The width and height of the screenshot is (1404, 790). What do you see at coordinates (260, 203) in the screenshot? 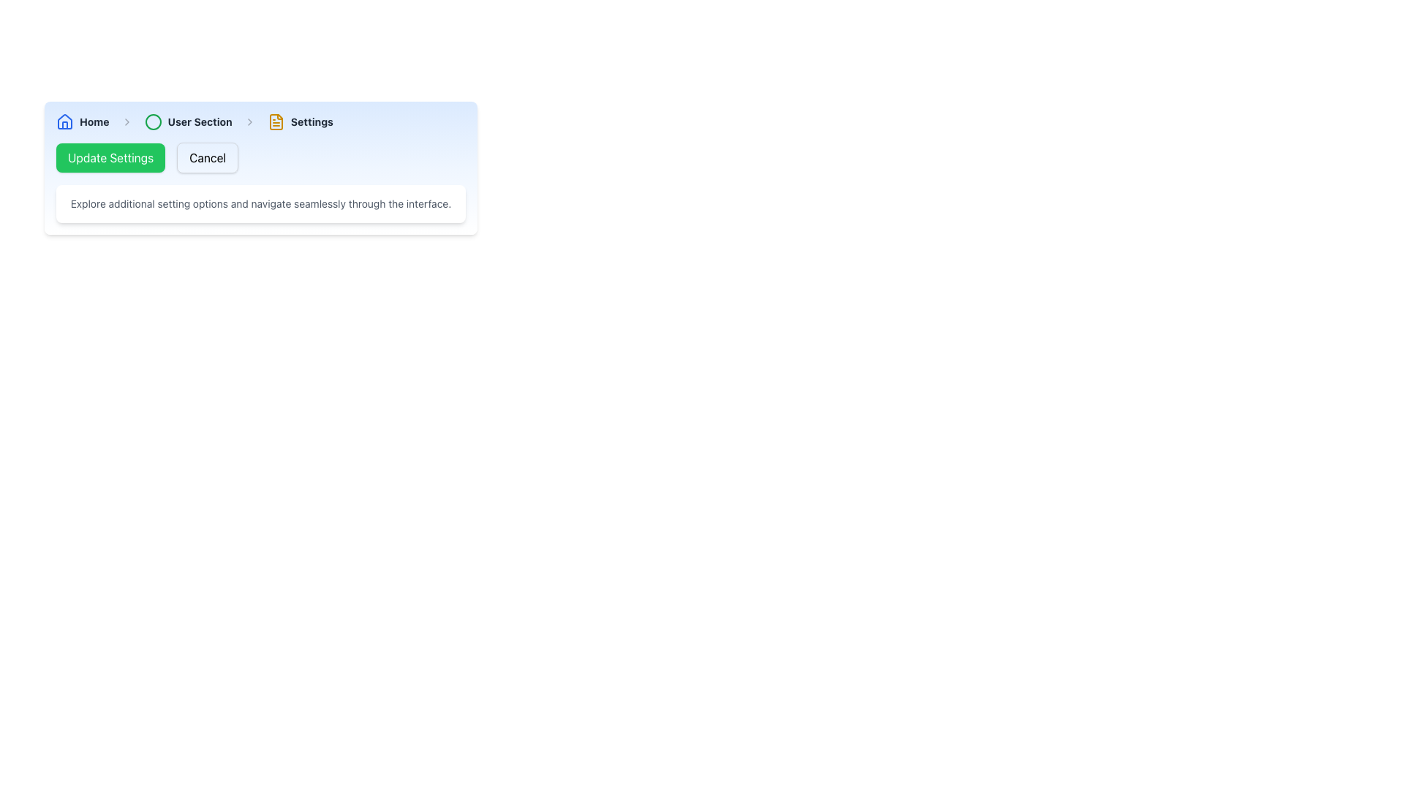
I see `the Text Box that provides guidance or context to the user, located beneath the 'Update Settings' and 'Cancel' buttons` at bounding box center [260, 203].